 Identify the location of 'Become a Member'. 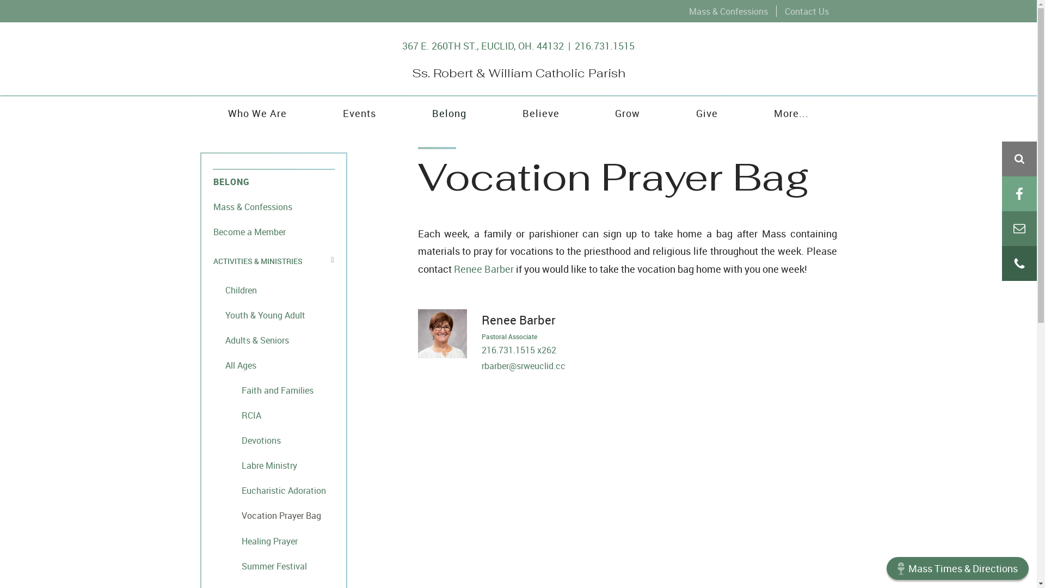
(274, 230).